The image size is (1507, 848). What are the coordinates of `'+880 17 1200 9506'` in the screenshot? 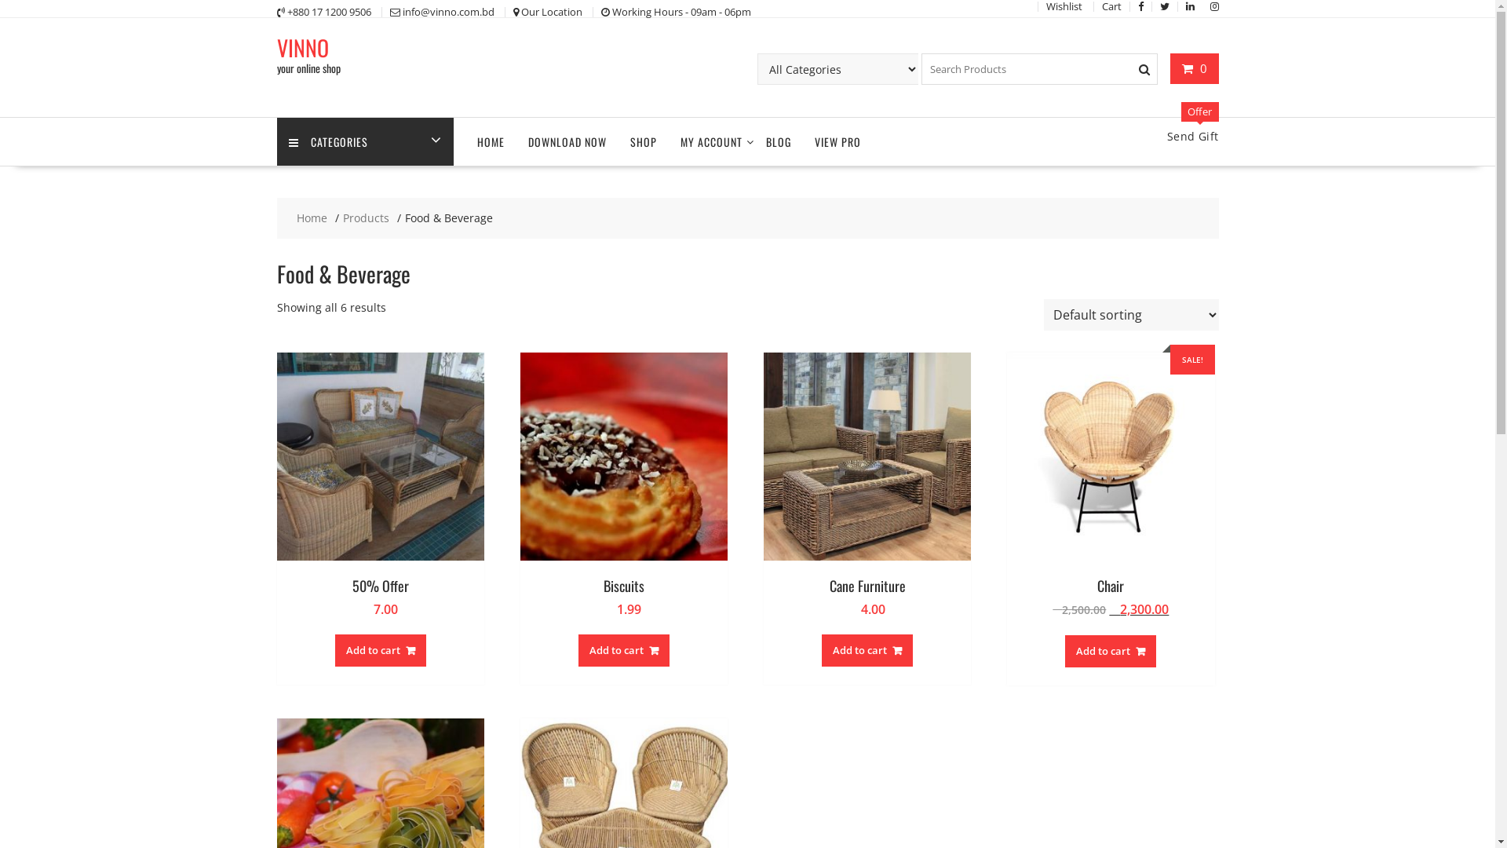 It's located at (328, 12).